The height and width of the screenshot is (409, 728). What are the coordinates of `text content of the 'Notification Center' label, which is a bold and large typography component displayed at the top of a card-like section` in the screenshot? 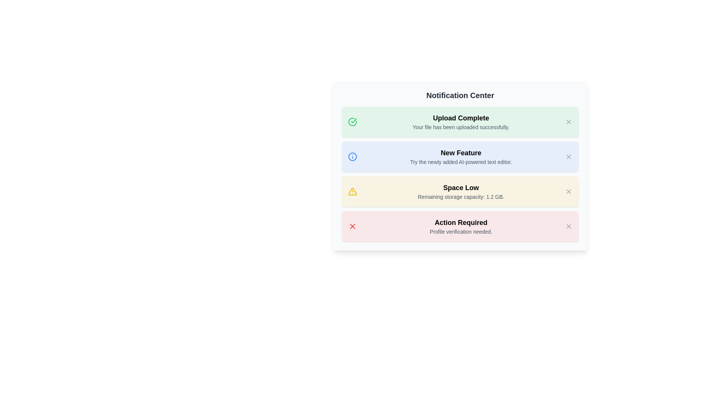 It's located at (460, 95).